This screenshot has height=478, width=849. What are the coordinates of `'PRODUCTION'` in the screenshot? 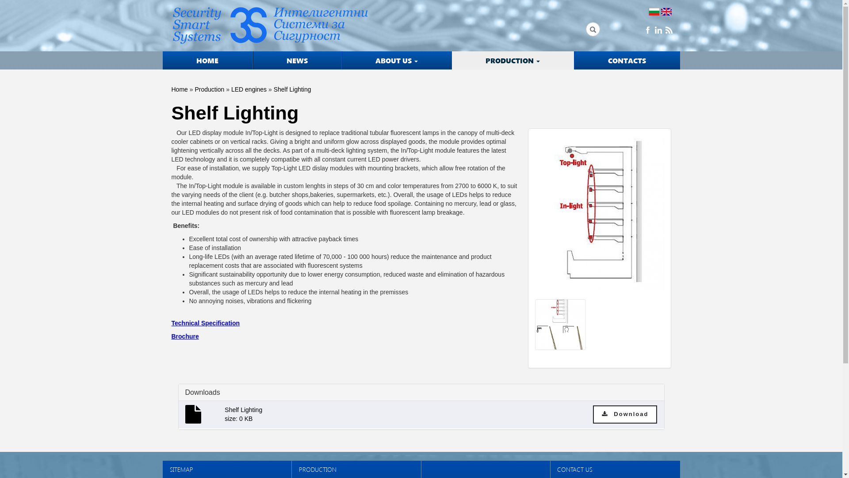 It's located at (513, 60).